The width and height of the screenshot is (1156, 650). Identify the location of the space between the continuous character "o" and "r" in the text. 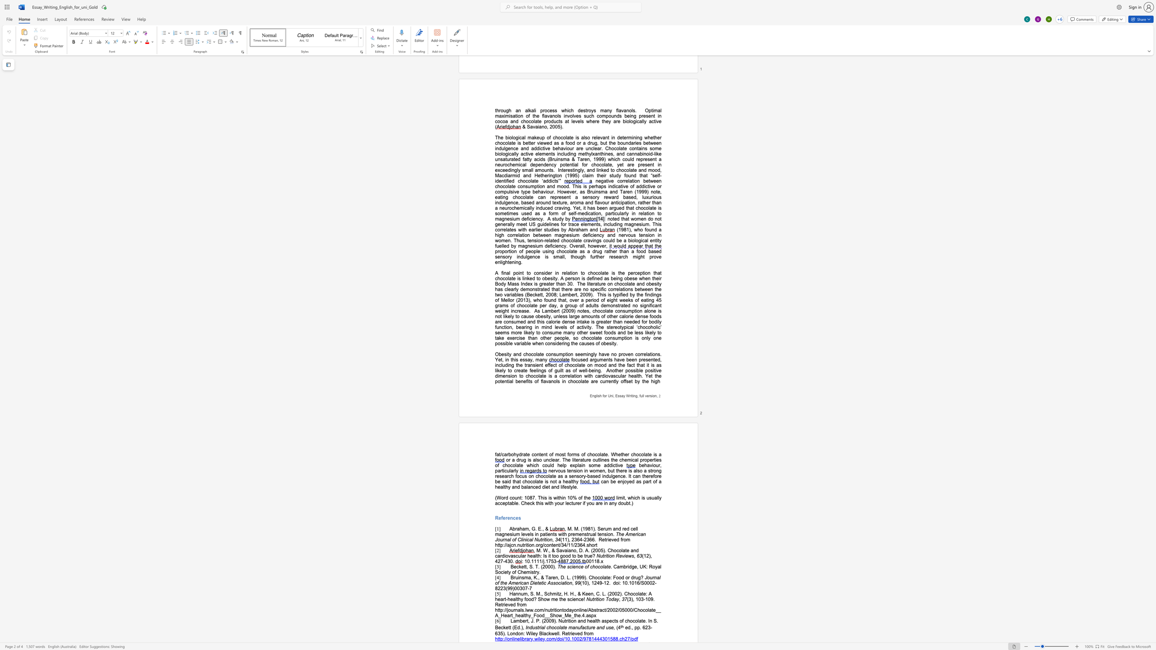
(504, 497).